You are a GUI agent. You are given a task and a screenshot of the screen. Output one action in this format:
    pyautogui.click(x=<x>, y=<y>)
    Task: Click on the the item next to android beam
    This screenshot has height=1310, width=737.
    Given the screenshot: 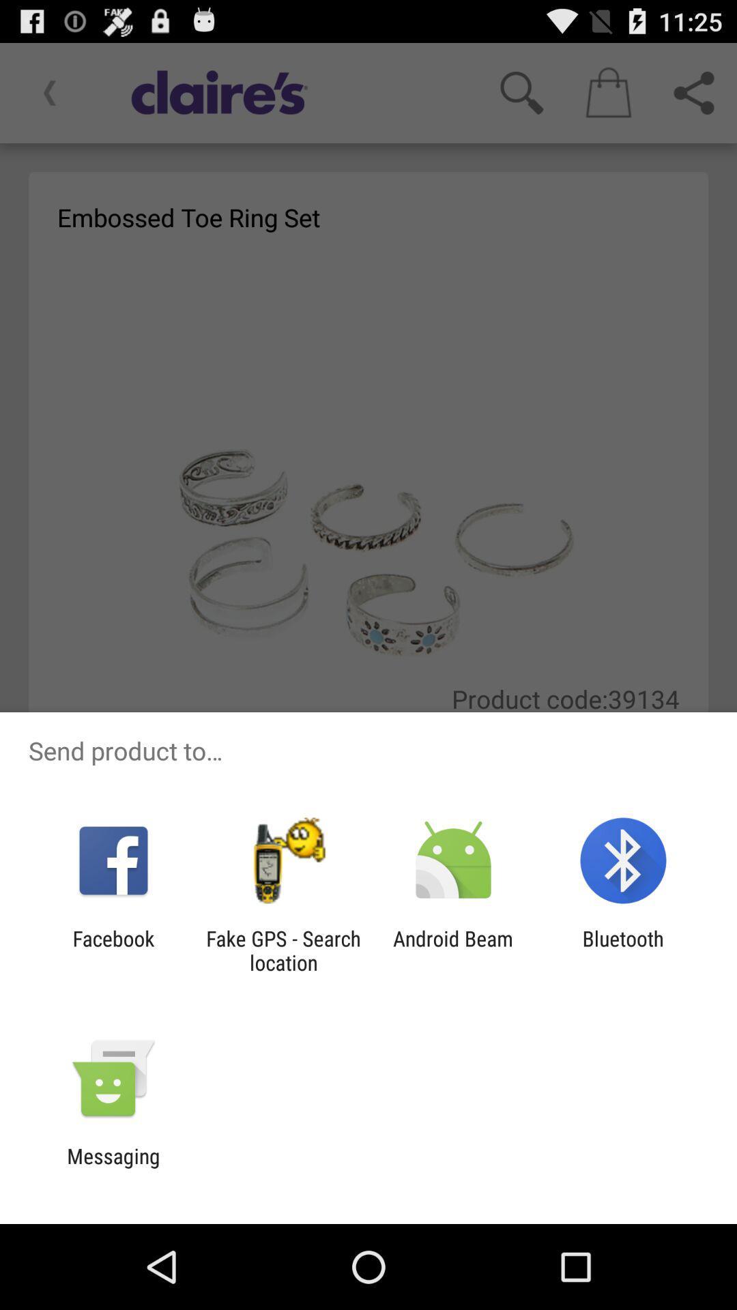 What is the action you would take?
    pyautogui.click(x=283, y=950)
    